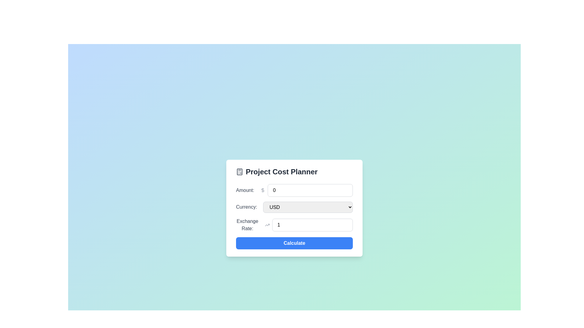  I want to click on an option from the 'Currency:' dropdown menu in the input group within the 'Project Cost Planner' card, so click(294, 208).